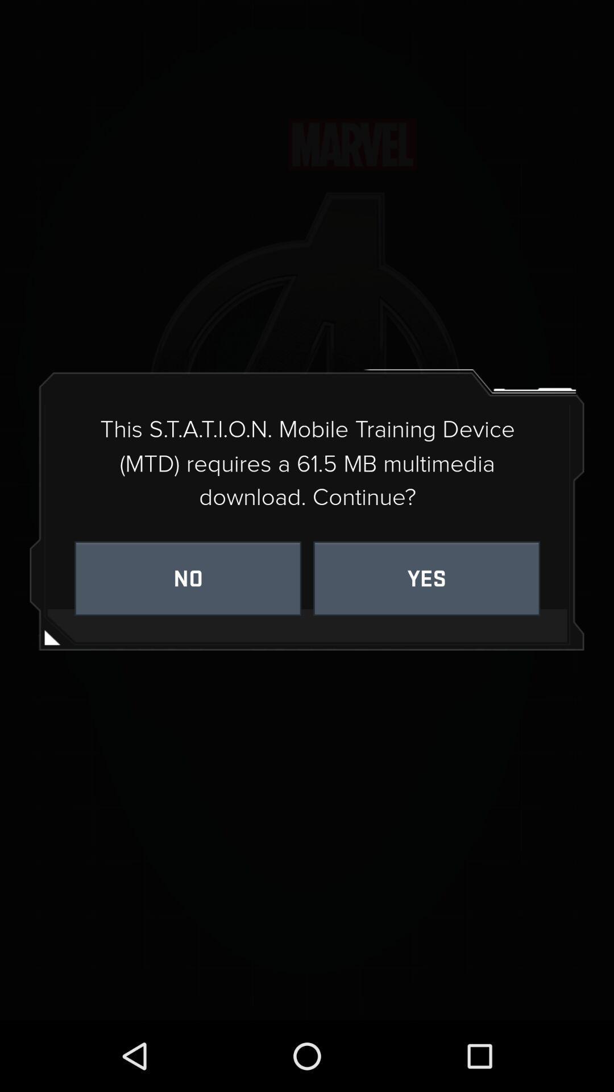 Image resolution: width=614 pixels, height=1092 pixels. I want to click on the item to the left of yes, so click(187, 578).